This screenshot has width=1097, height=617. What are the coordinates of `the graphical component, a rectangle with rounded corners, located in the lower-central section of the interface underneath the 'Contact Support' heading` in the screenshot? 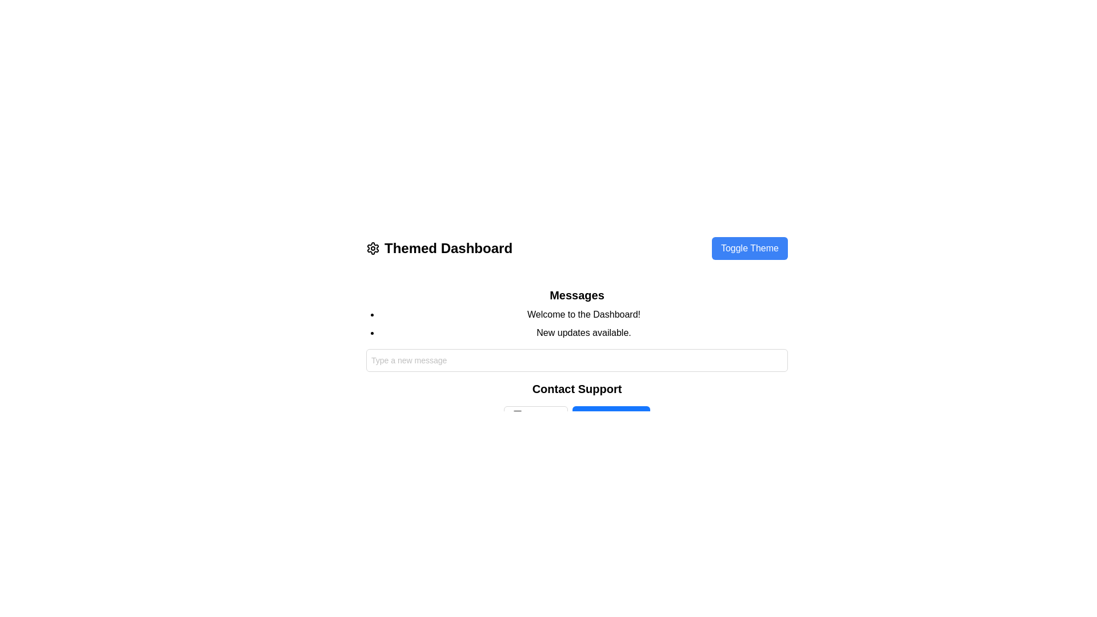 It's located at (517, 414).